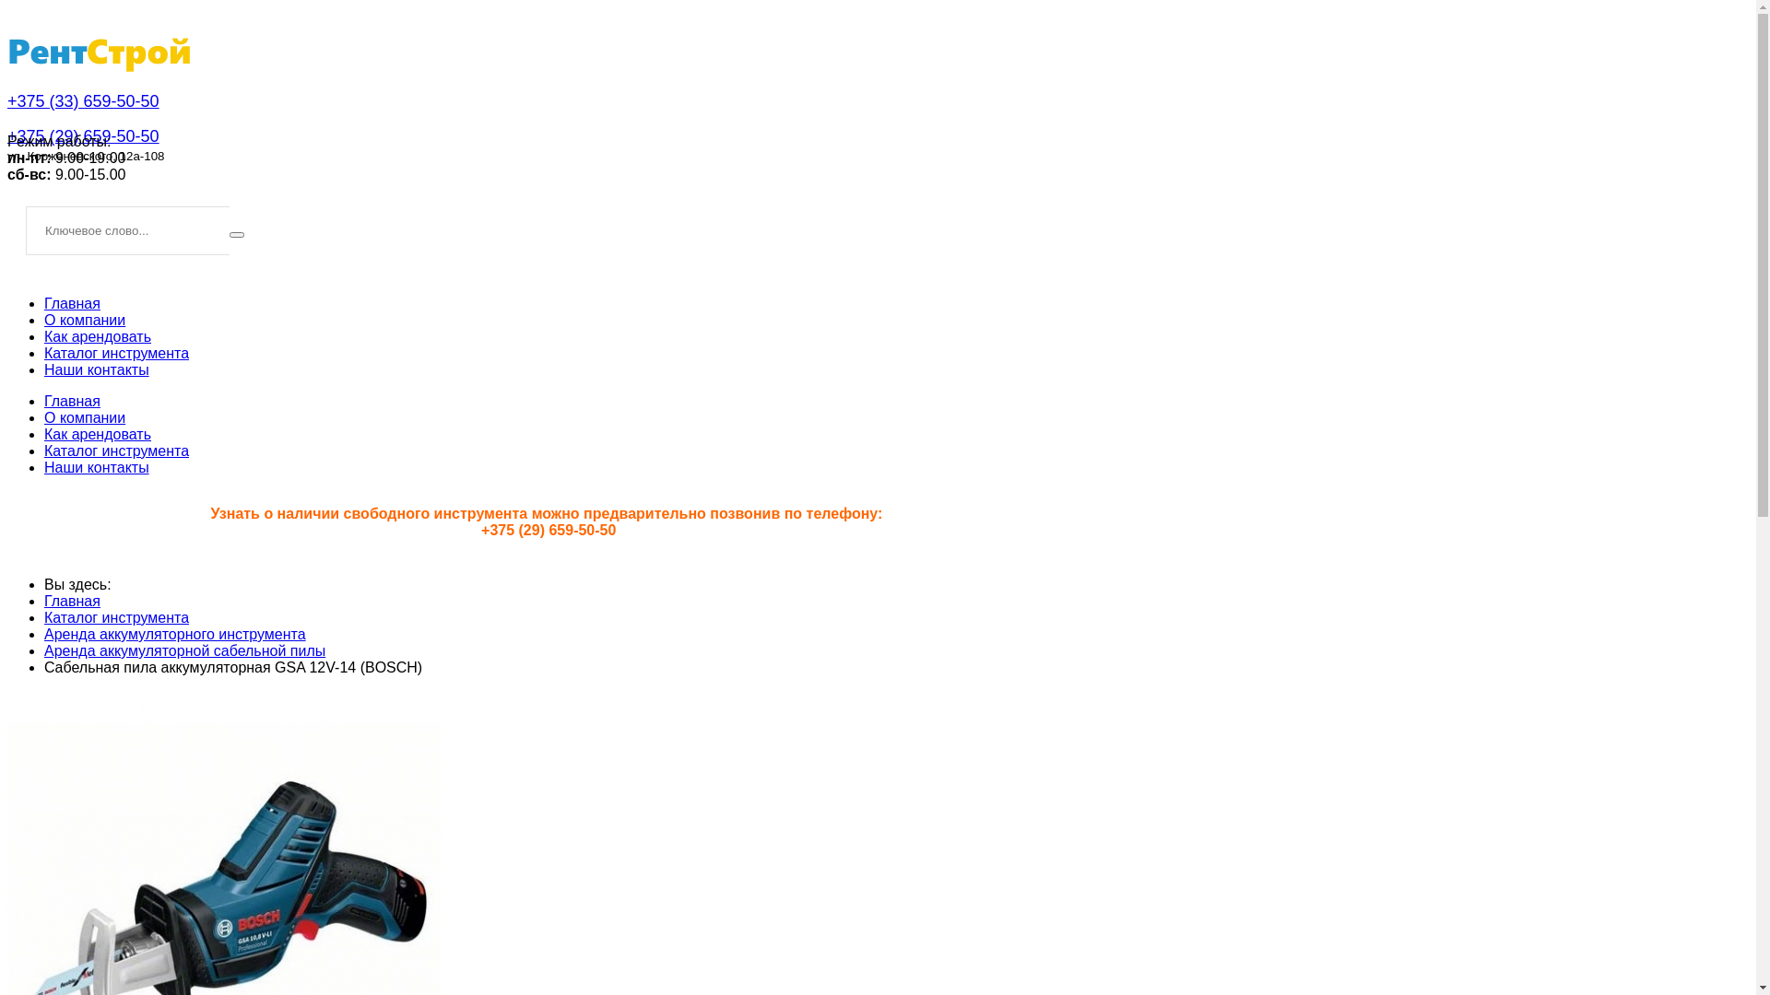  Describe the element at coordinates (7, 81) in the screenshot. I see `'Rentstori.by'` at that location.